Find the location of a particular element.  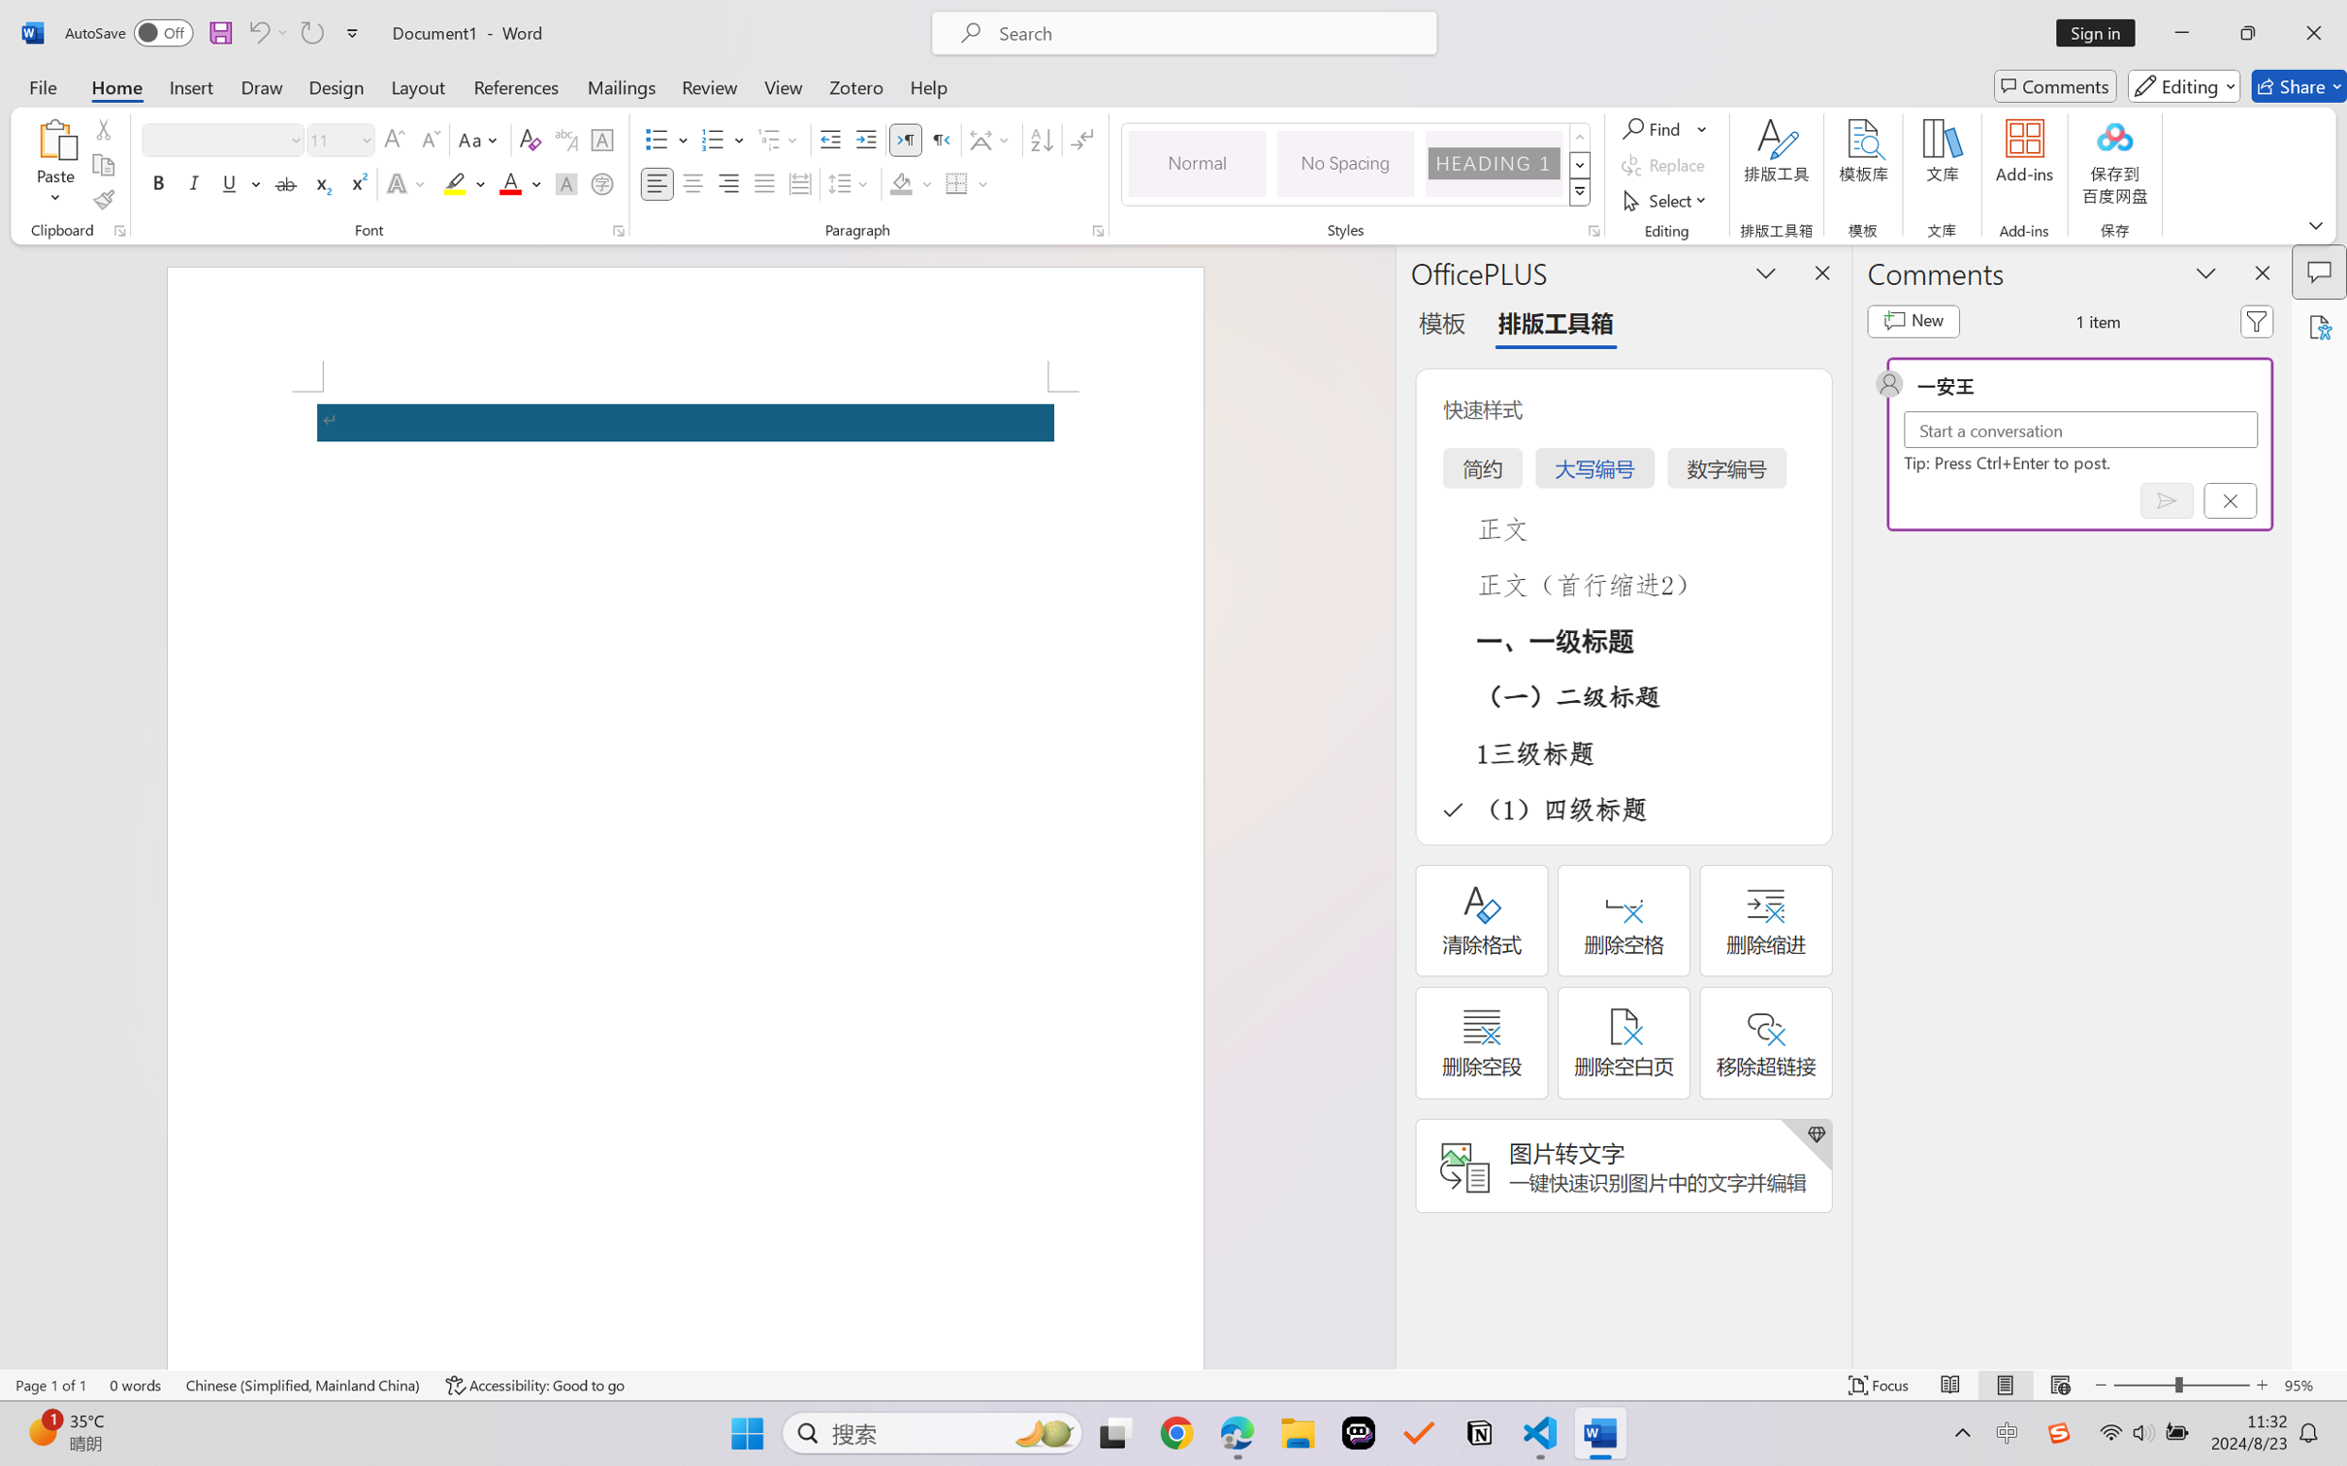

'Shading No Color' is located at coordinates (900, 182).